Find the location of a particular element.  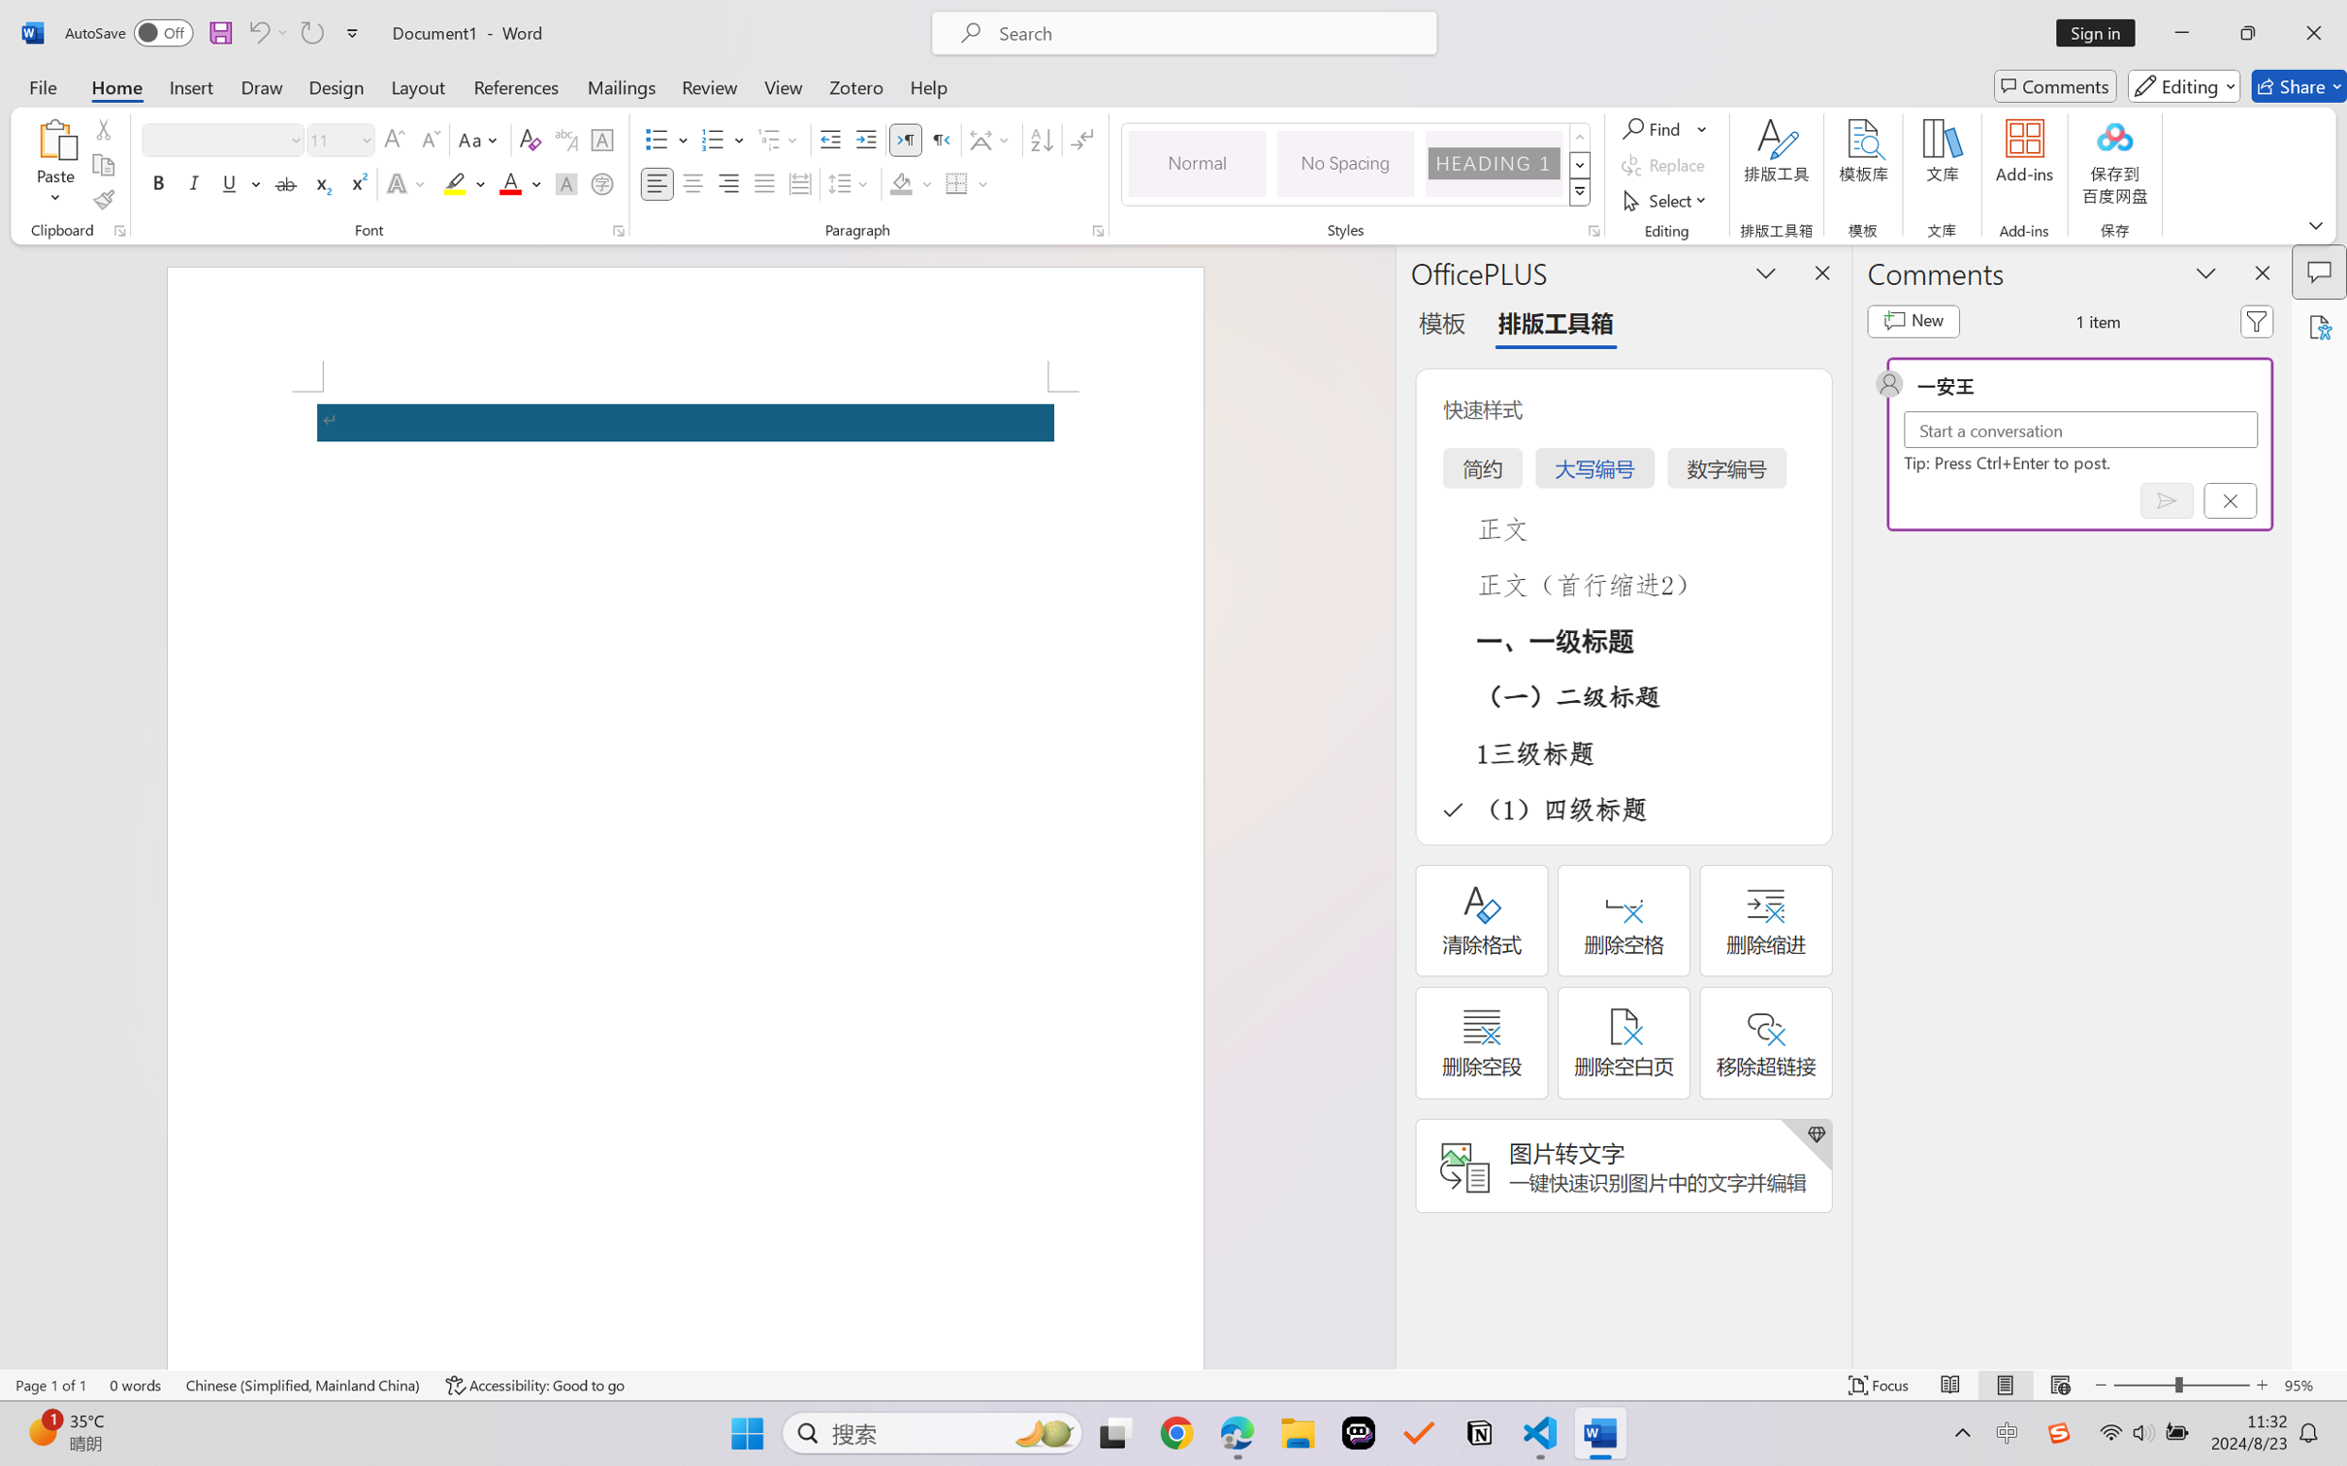

'Shading No Color' is located at coordinates (900, 182).